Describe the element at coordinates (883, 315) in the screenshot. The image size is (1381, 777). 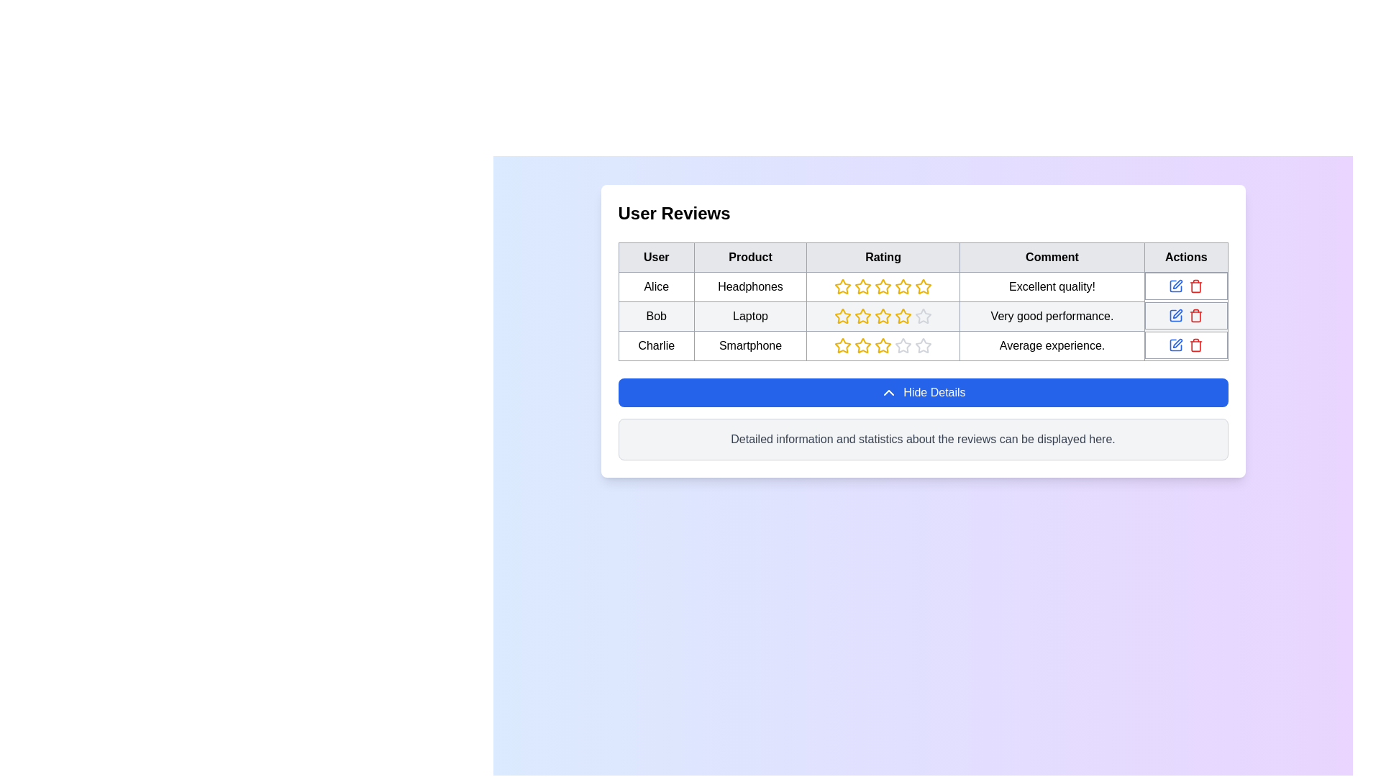
I see `the fifth star icon in the rating system for the product 'Laptop', located in the second row of the 'Rating' column` at that location.